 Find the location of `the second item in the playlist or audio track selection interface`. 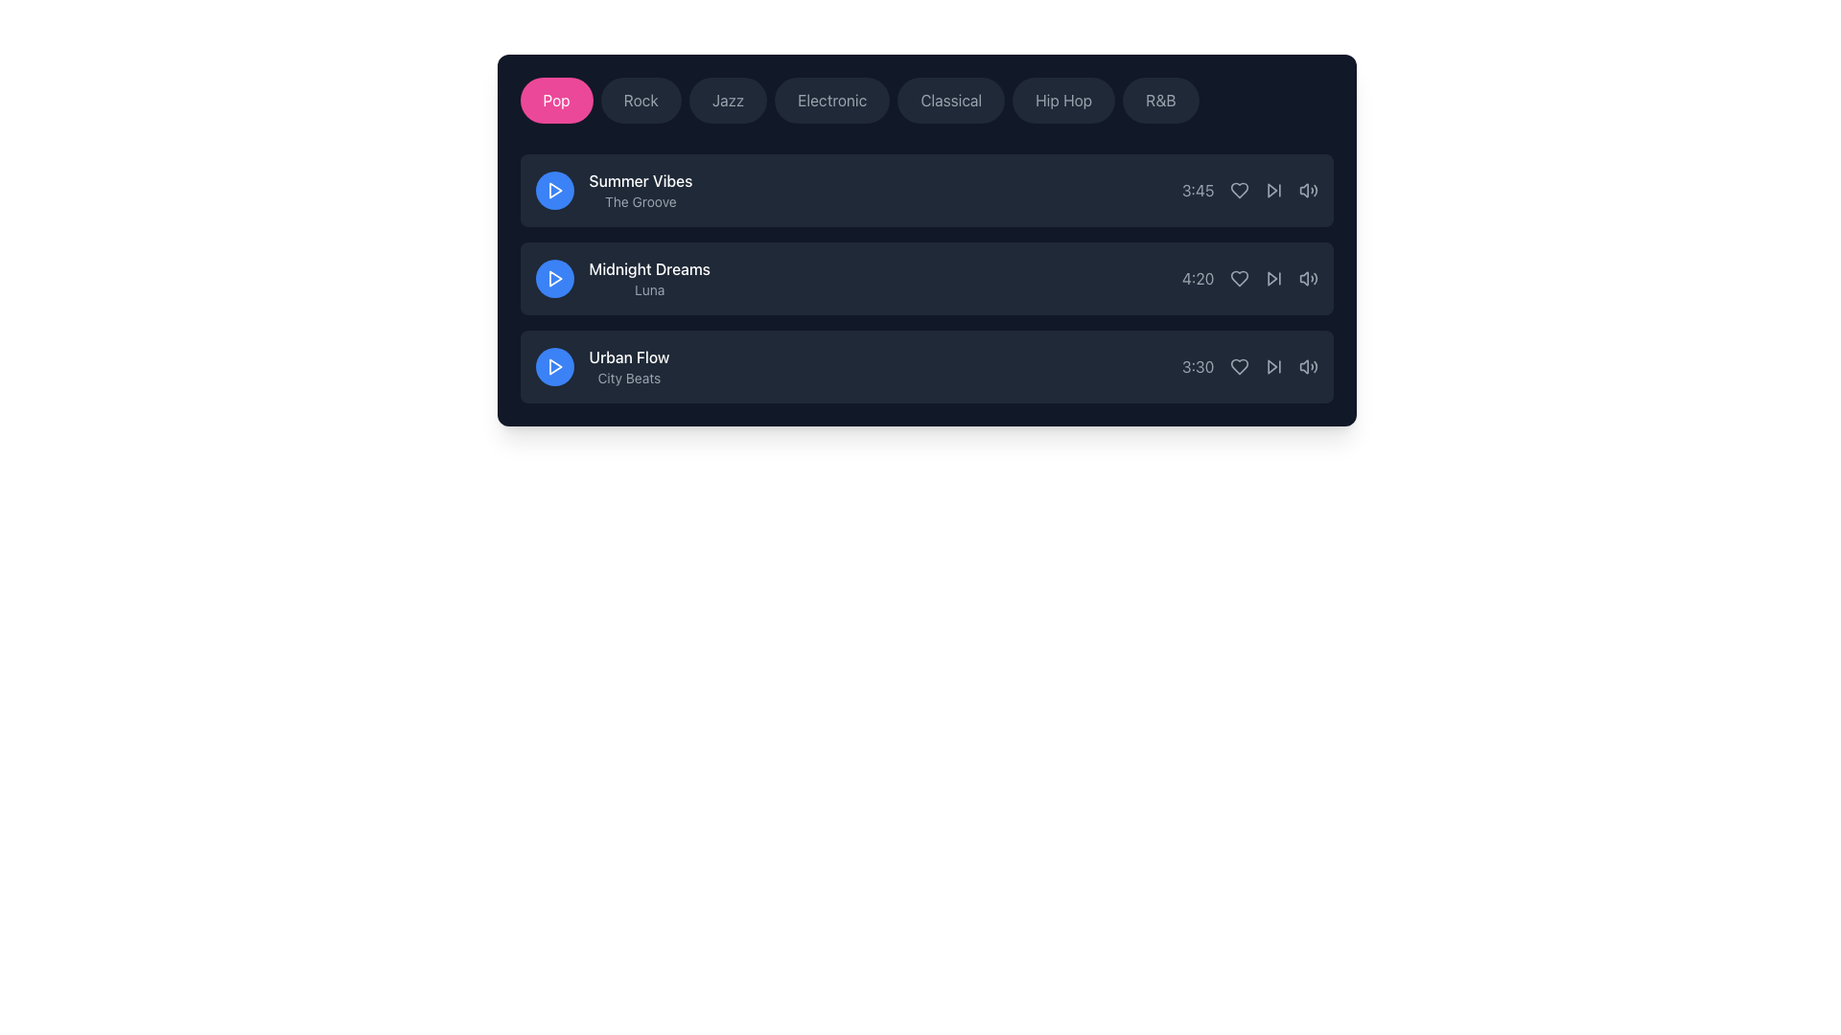

the second item in the playlist or audio track selection interface is located at coordinates (926, 278).